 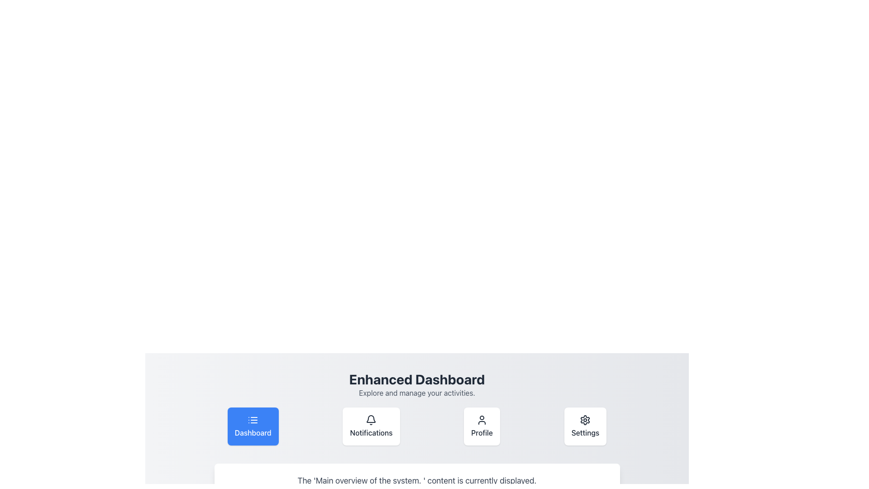 I want to click on the 'Settings' button with a black gear icon and a white background located at the bottom-right corner of the row, so click(x=585, y=426).